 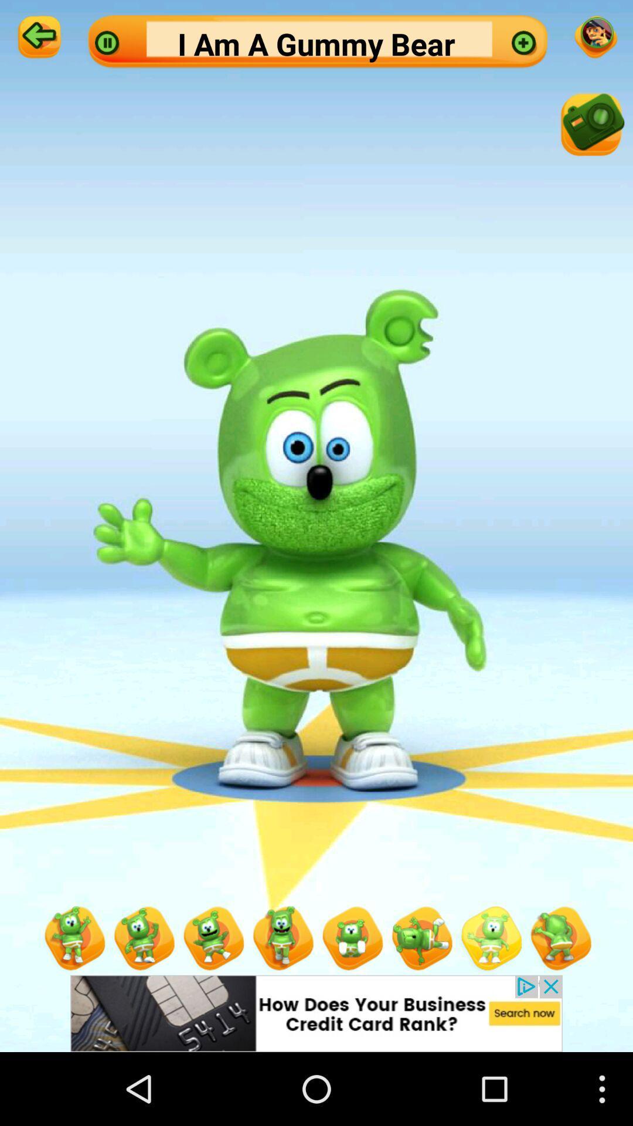 I want to click on the avatar icon, so click(x=142, y=1006).